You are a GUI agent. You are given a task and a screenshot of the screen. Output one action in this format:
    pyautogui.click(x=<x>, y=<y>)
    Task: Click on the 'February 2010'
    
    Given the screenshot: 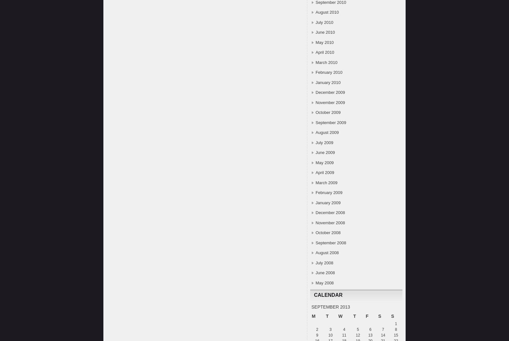 What is the action you would take?
    pyautogui.click(x=329, y=72)
    